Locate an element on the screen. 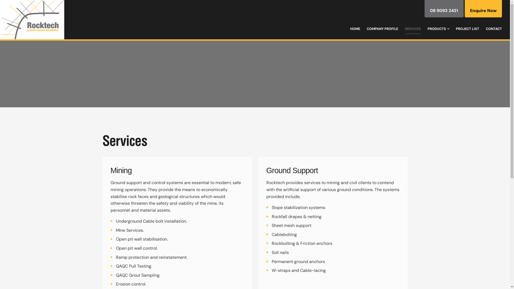  'PRODUCTS' is located at coordinates (427, 29).